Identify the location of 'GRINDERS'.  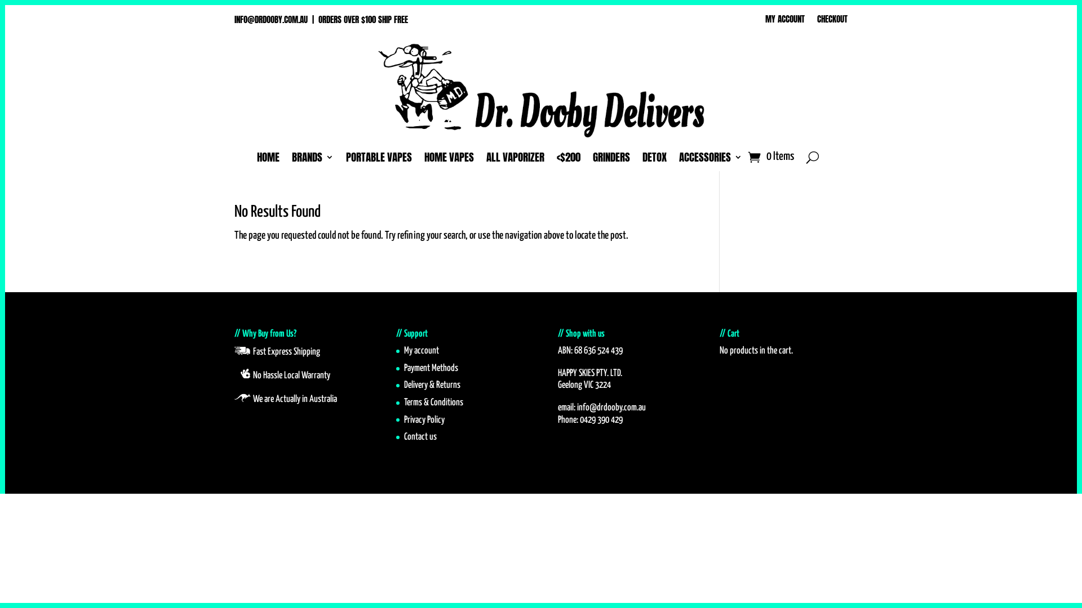
(610, 159).